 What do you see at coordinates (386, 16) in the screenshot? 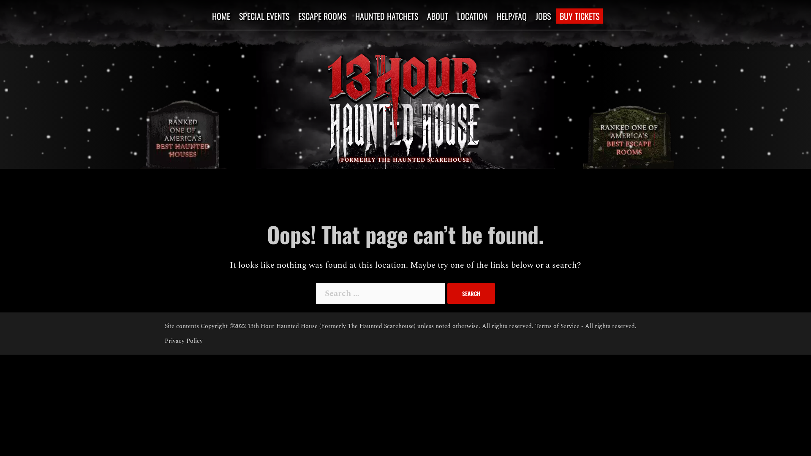
I see `'HAUNTED HATCHETS'` at bounding box center [386, 16].